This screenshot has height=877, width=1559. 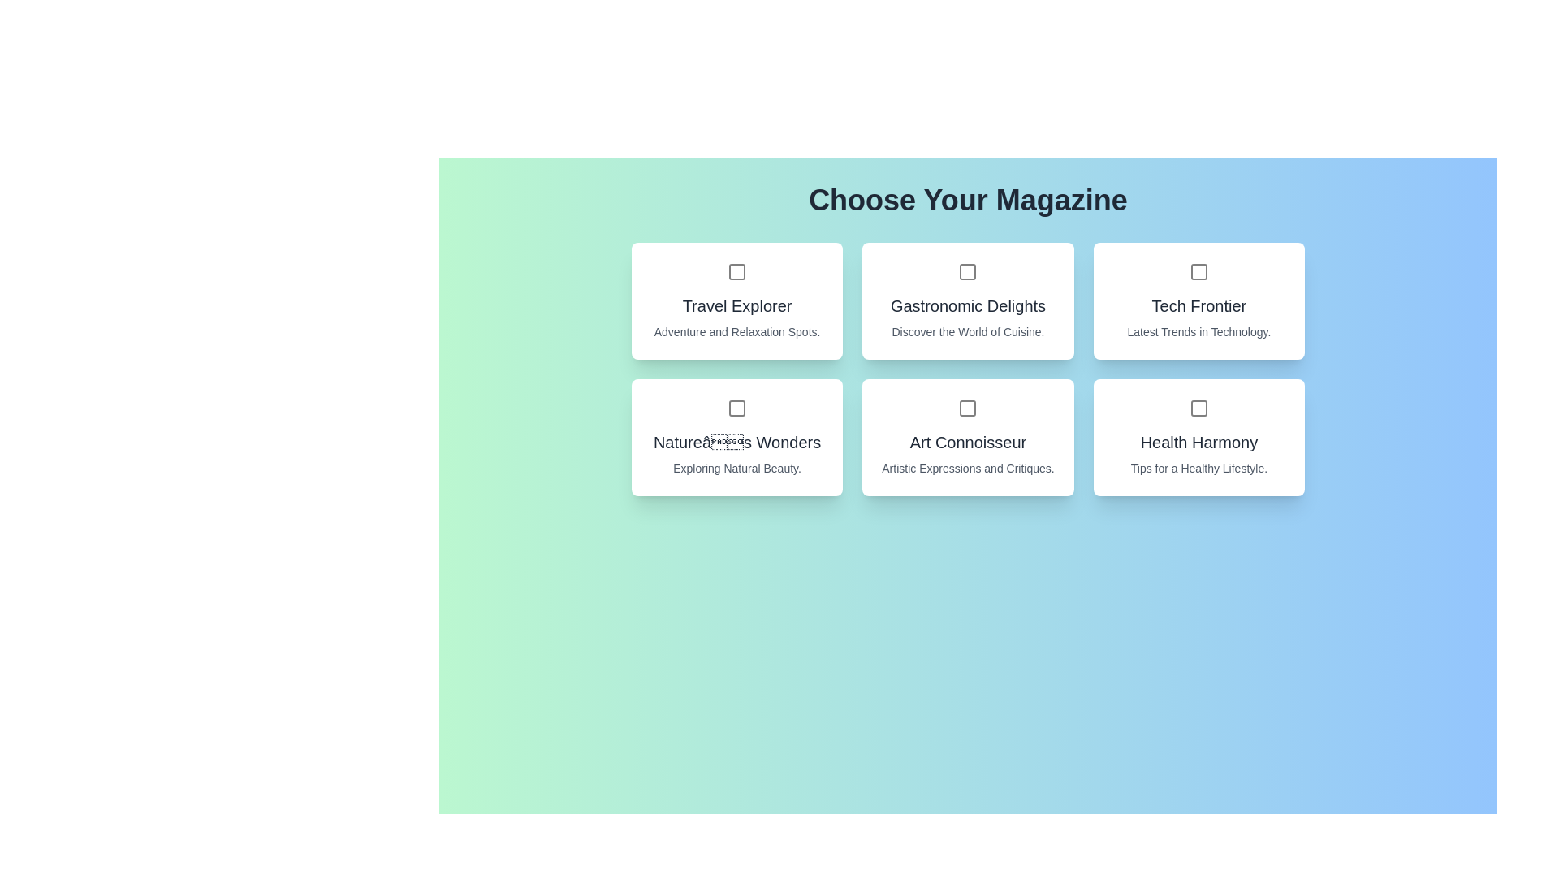 What do you see at coordinates (967, 300) in the screenshot?
I see `the magazine card for Gastronomic Delights` at bounding box center [967, 300].